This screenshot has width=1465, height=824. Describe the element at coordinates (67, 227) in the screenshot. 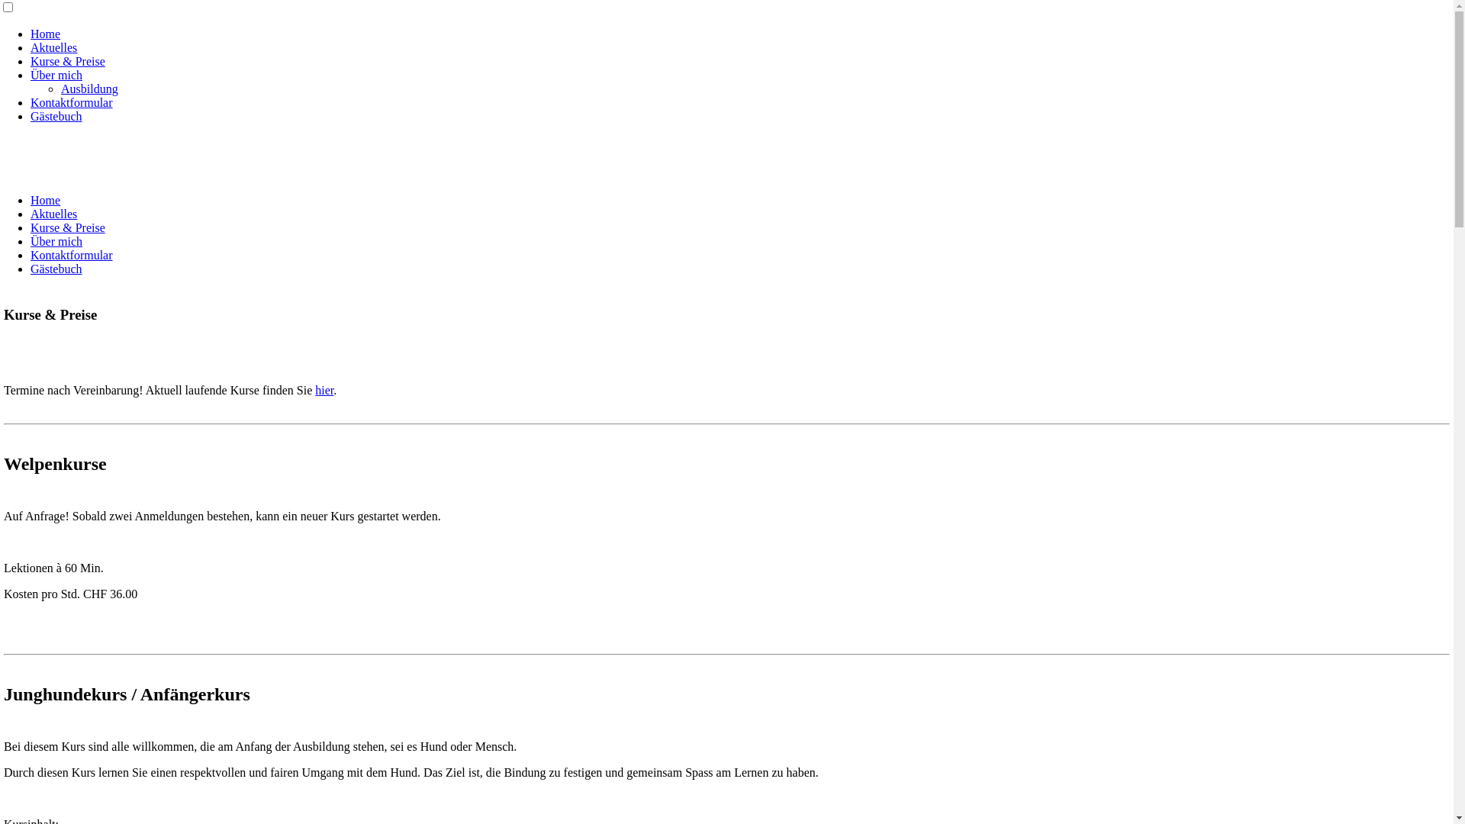

I see `'Kurse & Preise'` at that location.